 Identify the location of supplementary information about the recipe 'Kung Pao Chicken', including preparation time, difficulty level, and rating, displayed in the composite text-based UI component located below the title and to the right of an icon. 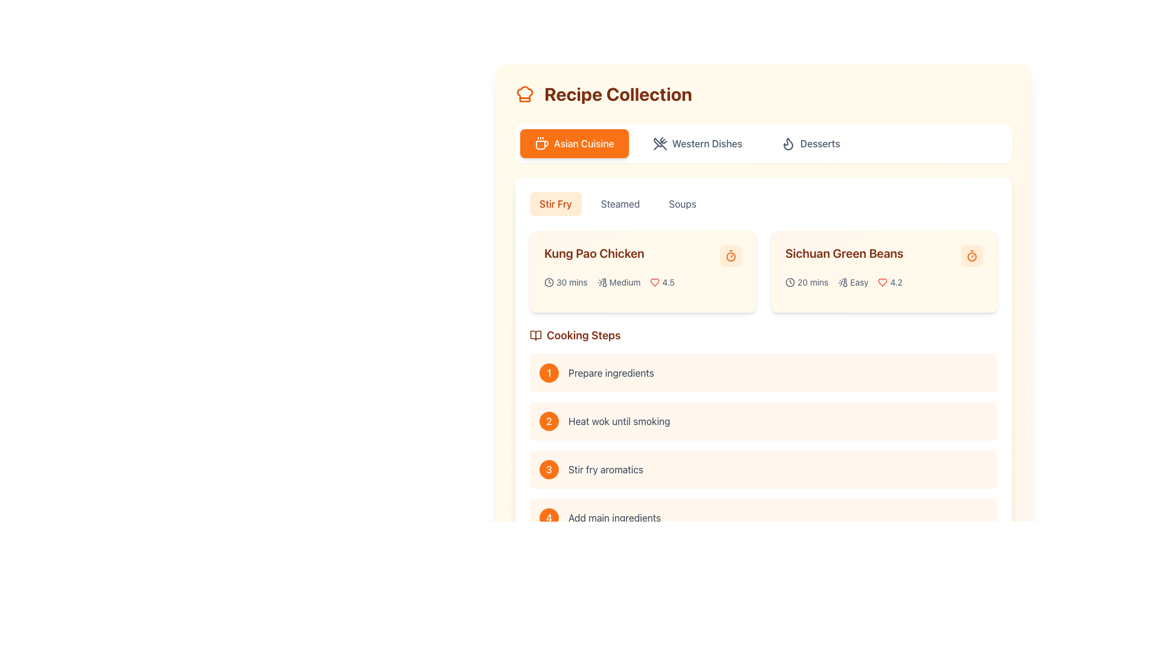
(642, 282).